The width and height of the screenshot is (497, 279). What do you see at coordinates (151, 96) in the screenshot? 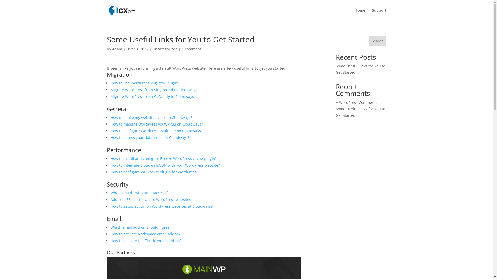
I see `'Migrate WordPress from GoDaddy to Cloudways'` at bounding box center [151, 96].